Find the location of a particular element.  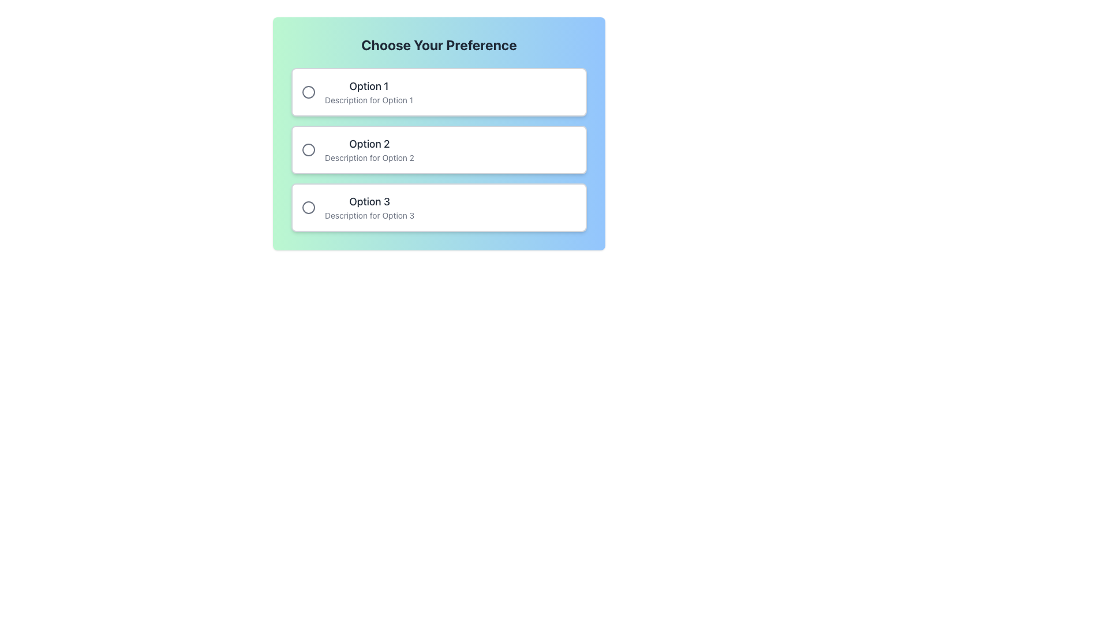

the descriptive text label located beneath 'Option 2', which provides additional detail about the choice is located at coordinates (369, 157).